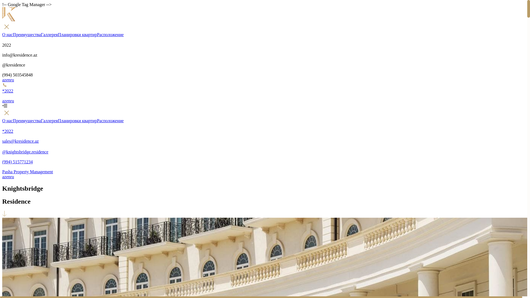  I want to click on 'ru', so click(12, 80).